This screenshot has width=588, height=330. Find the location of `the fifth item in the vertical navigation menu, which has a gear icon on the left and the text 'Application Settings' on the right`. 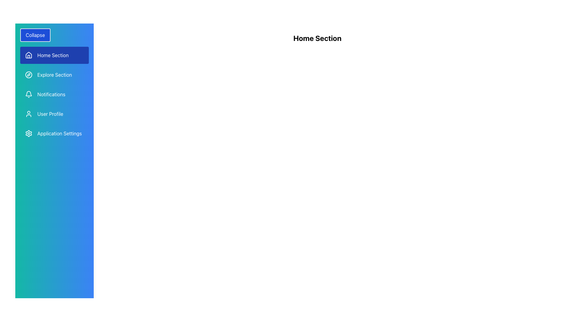

the fifth item in the vertical navigation menu, which has a gear icon on the left and the text 'Application Settings' on the right is located at coordinates (54, 133).